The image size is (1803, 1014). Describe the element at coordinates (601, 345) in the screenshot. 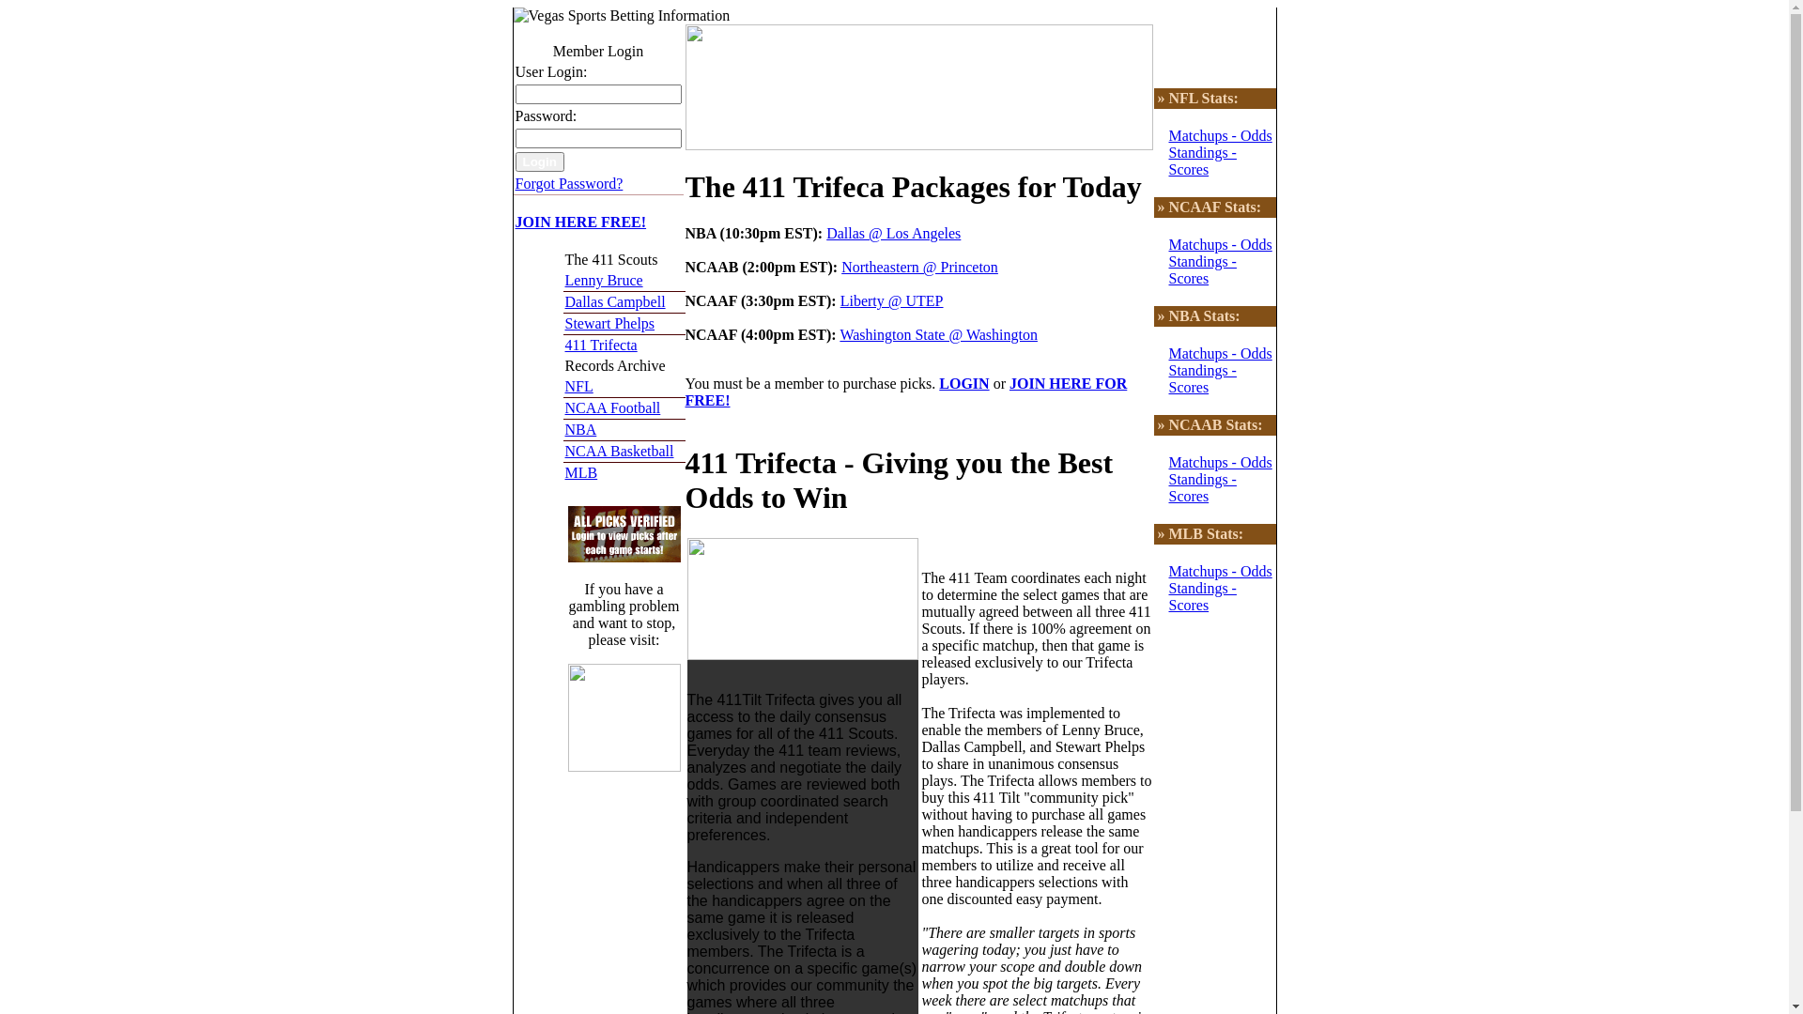

I see `'411 Trifecta'` at that location.